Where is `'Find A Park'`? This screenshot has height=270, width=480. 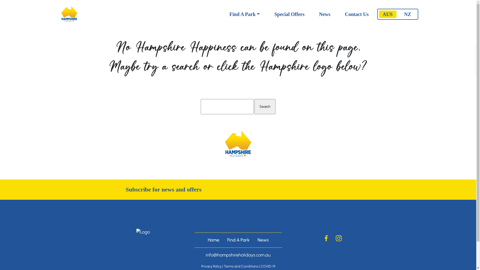
'Find A Park' is located at coordinates (245, 14).